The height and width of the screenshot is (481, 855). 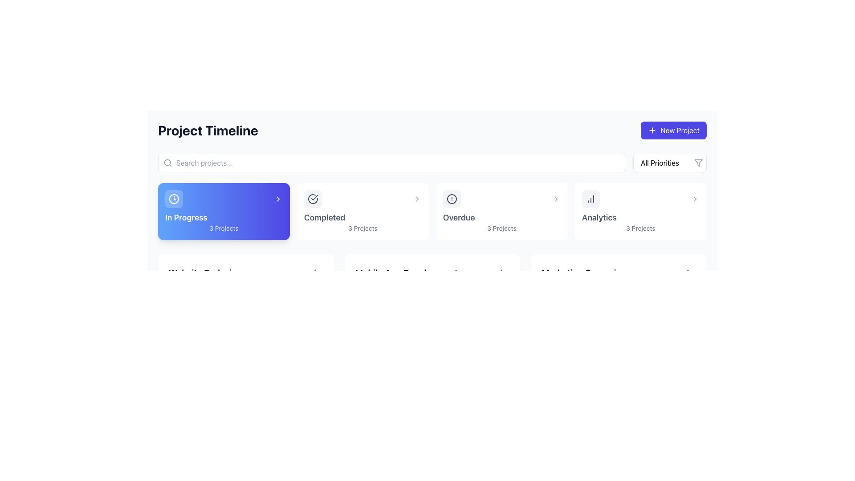 I want to click on the dropdown menu labeled 'All Priorities' using the keyboard, so click(x=670, y=163).